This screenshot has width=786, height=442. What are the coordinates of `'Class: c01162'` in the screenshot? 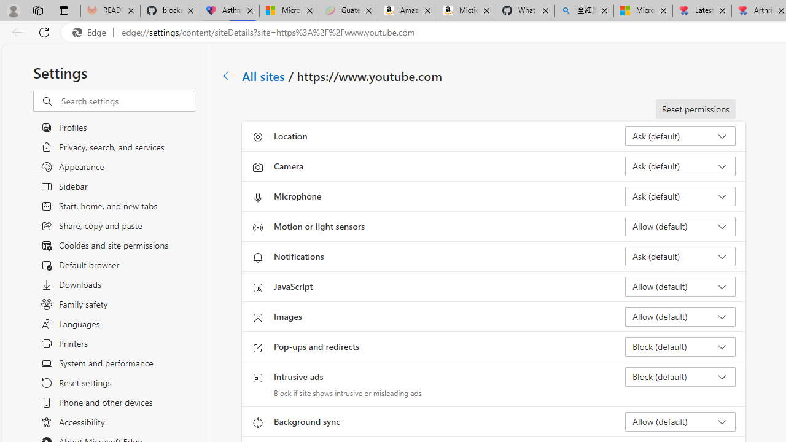 It's located at (228, 76).